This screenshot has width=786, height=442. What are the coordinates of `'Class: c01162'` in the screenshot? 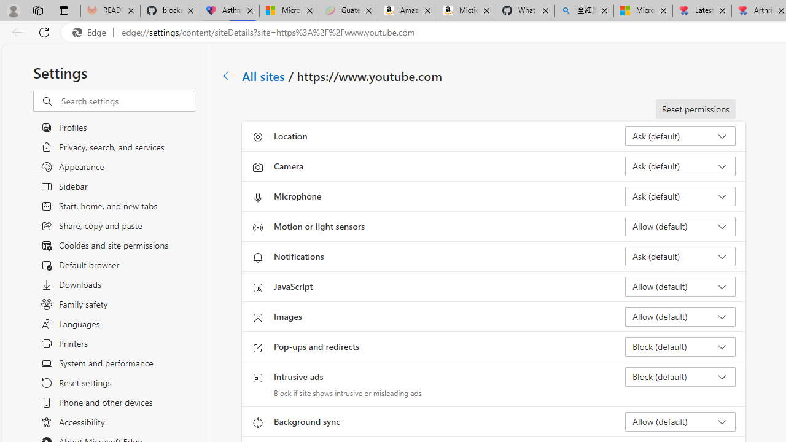 It's located at (228, 76).